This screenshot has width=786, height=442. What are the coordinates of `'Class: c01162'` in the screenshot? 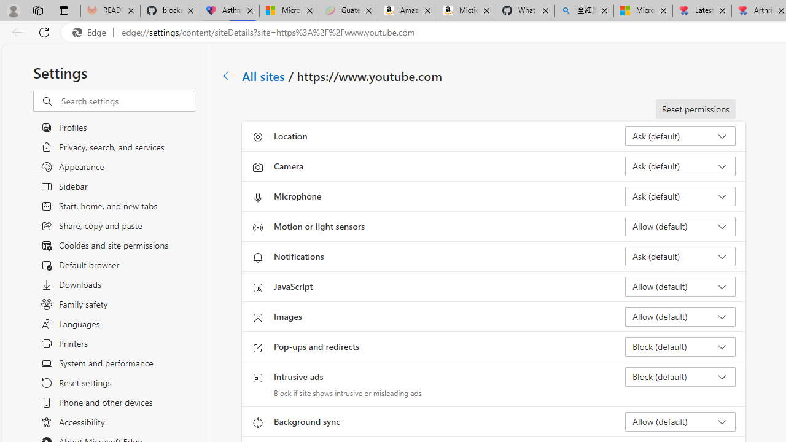 It's located at (228, 76).